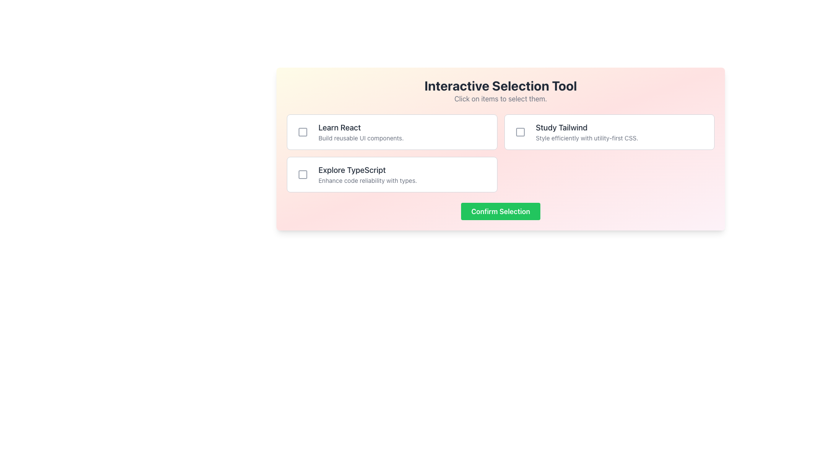 This screenshot has height=468, width=832. I want to click on the third selectable list item with a checkbox that represents an option to explore learning about TypeScript, so click(391, 174).